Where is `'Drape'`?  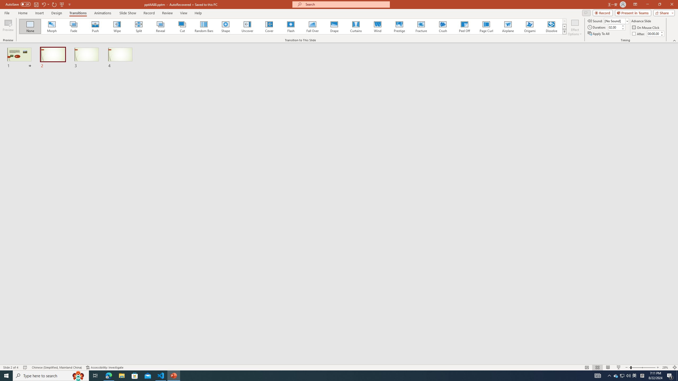 'Drape' is located at coordinates (334, 26).